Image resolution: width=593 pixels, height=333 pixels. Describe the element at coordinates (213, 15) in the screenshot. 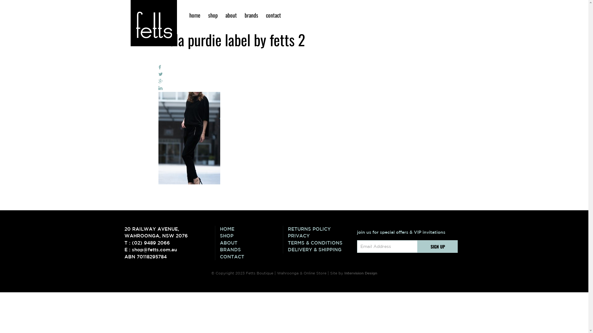

I see `'shop'` at that location.